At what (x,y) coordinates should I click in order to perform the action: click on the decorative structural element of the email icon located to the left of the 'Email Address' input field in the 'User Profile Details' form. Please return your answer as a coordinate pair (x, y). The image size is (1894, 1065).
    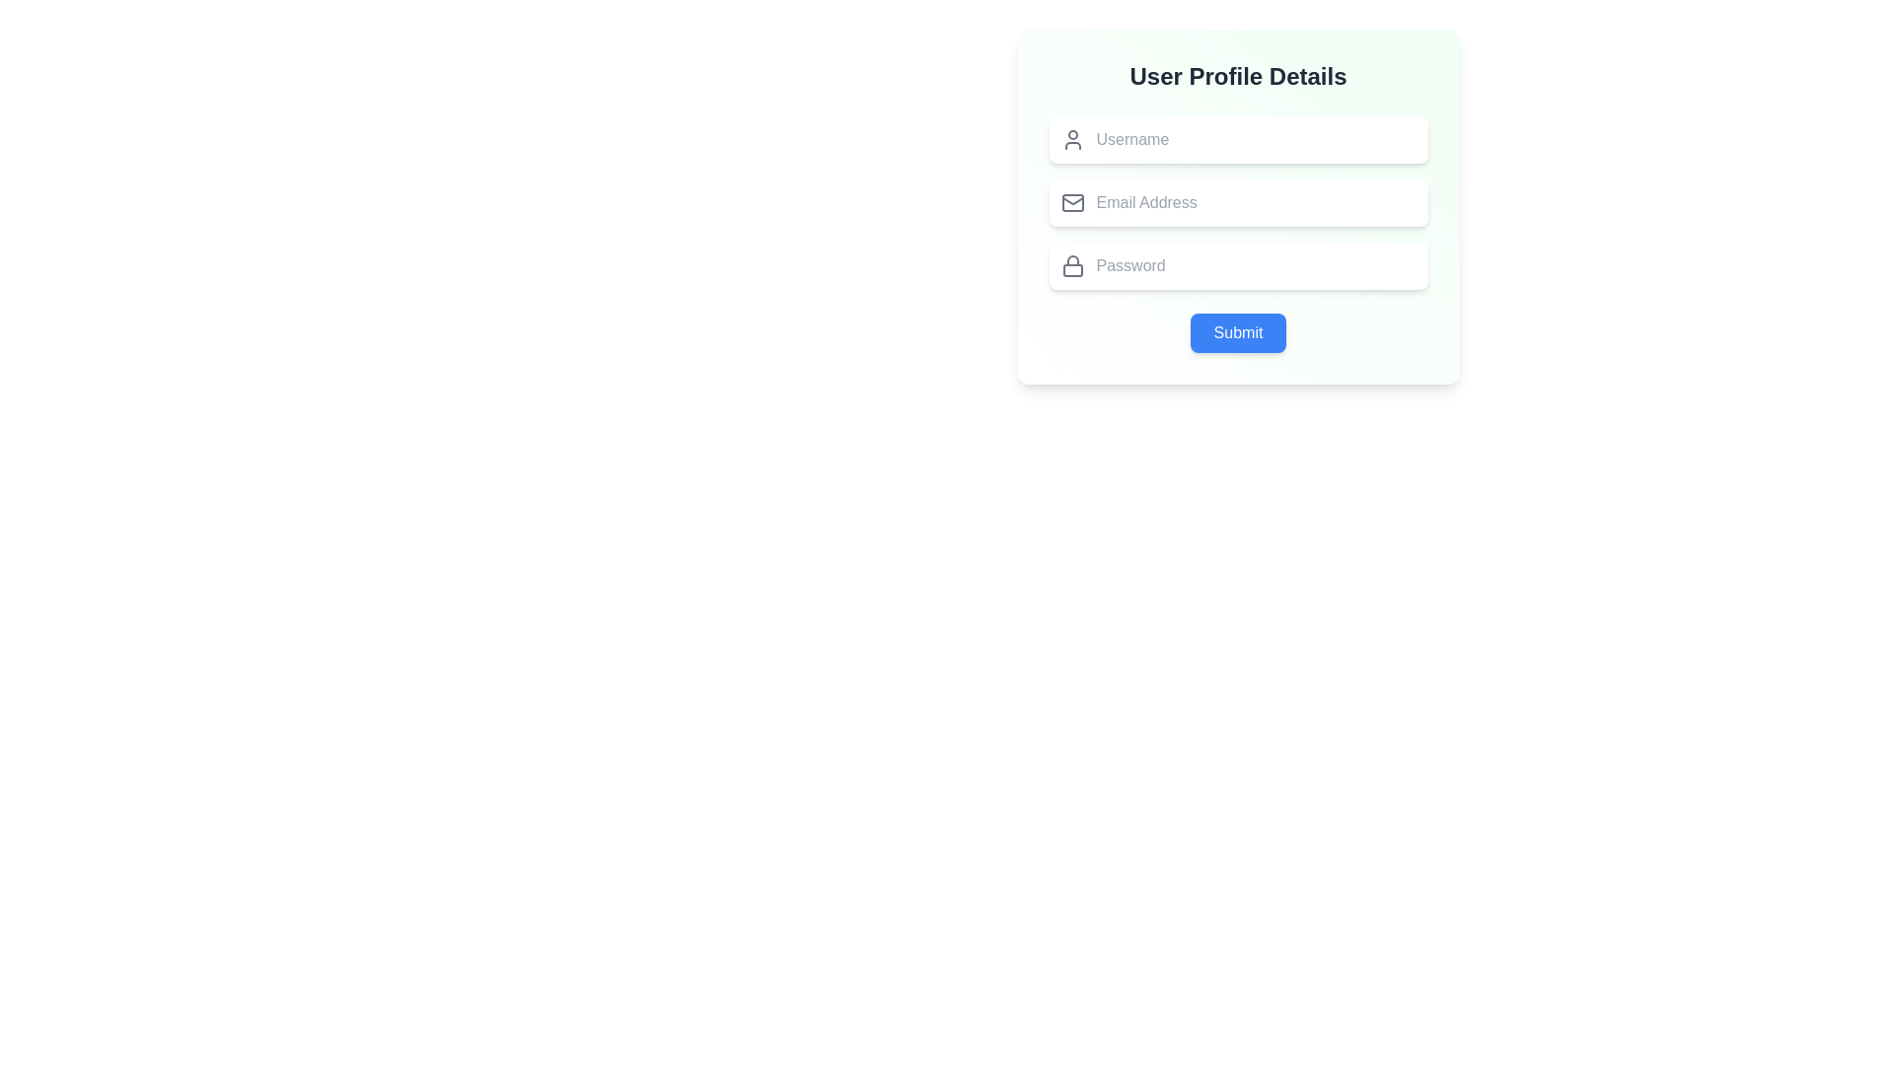
    Looking at the image, I should click on (1071, 202).